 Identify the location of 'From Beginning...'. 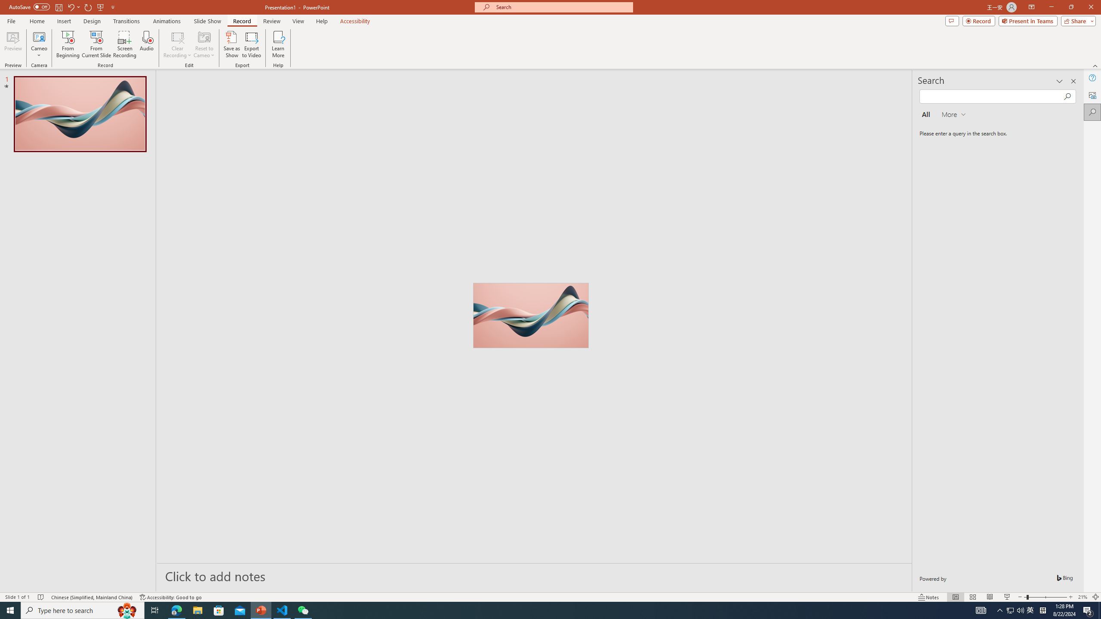
(67, 44).